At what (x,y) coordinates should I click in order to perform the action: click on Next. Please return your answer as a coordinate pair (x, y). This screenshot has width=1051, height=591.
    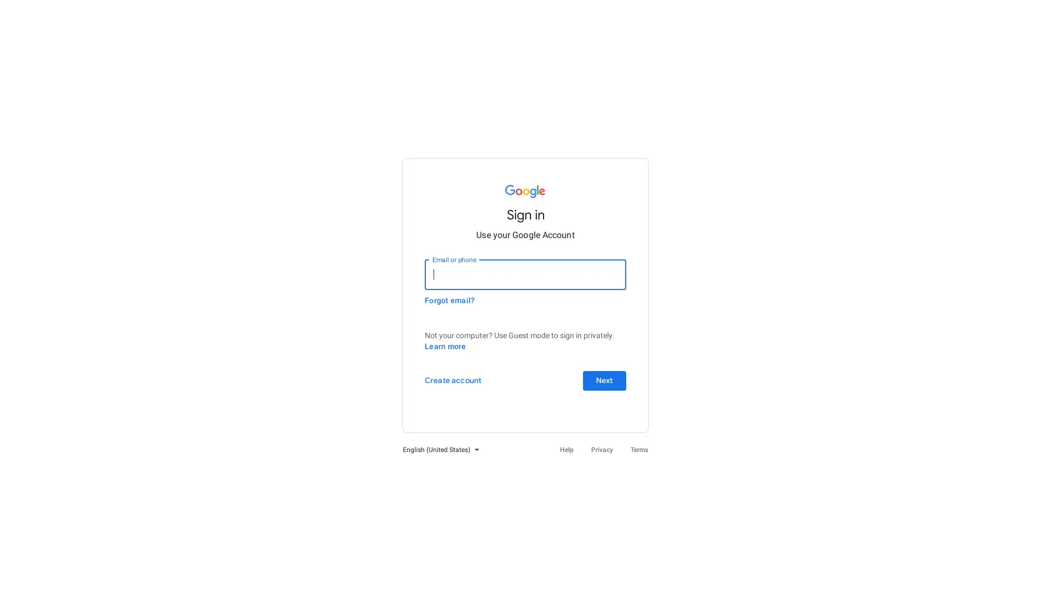
    Looking at the image, I should click on (604, 379).